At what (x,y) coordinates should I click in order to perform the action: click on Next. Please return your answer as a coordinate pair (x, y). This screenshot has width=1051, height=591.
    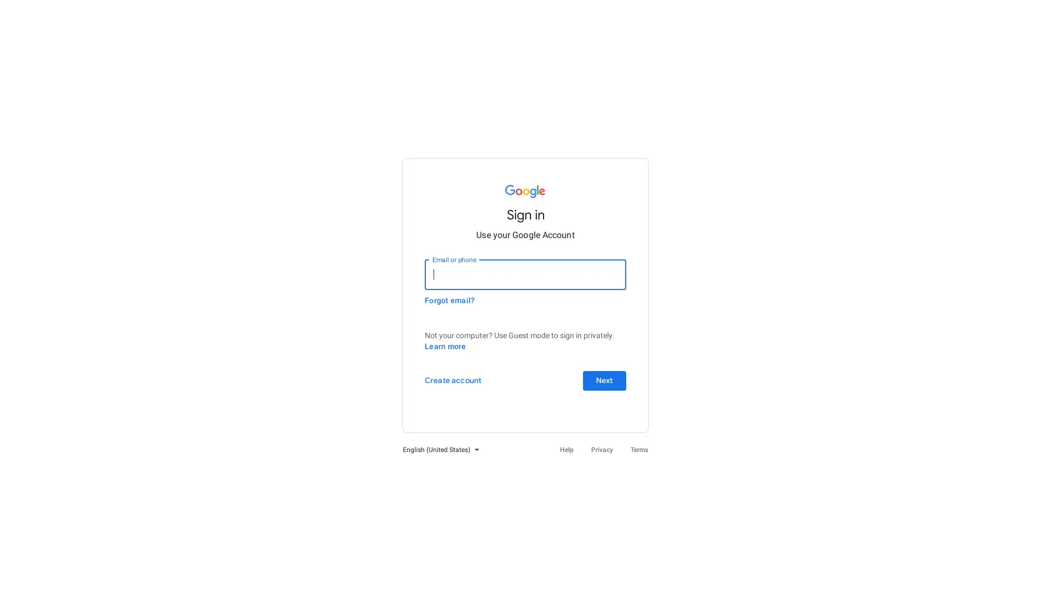
    Looking at the image, I should click on (604, 379).